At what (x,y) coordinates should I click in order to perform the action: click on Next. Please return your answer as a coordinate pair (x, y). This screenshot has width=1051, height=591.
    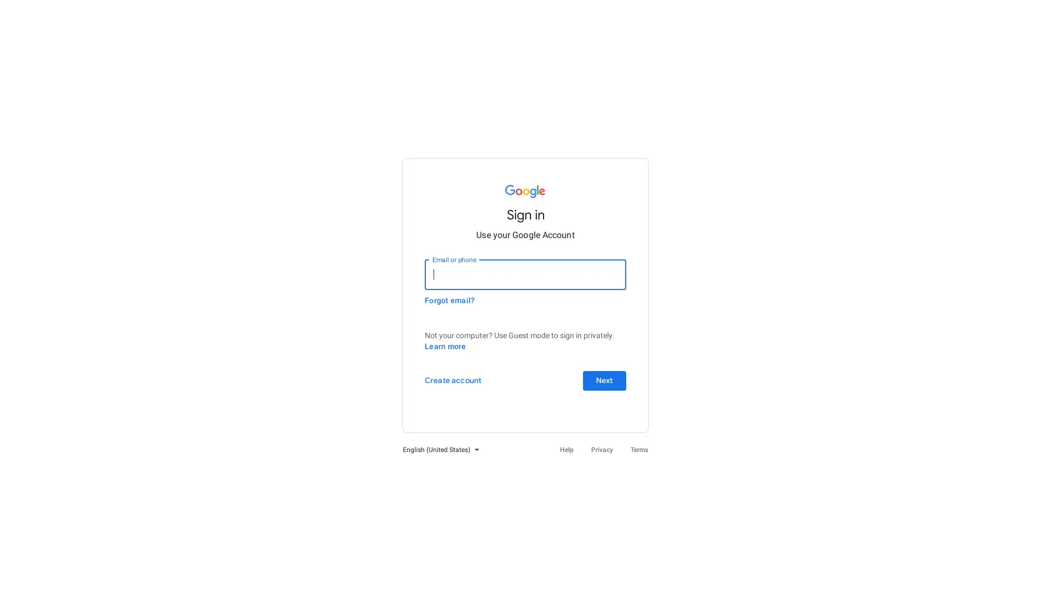
    Looking at the image, I should click on (604, 379).